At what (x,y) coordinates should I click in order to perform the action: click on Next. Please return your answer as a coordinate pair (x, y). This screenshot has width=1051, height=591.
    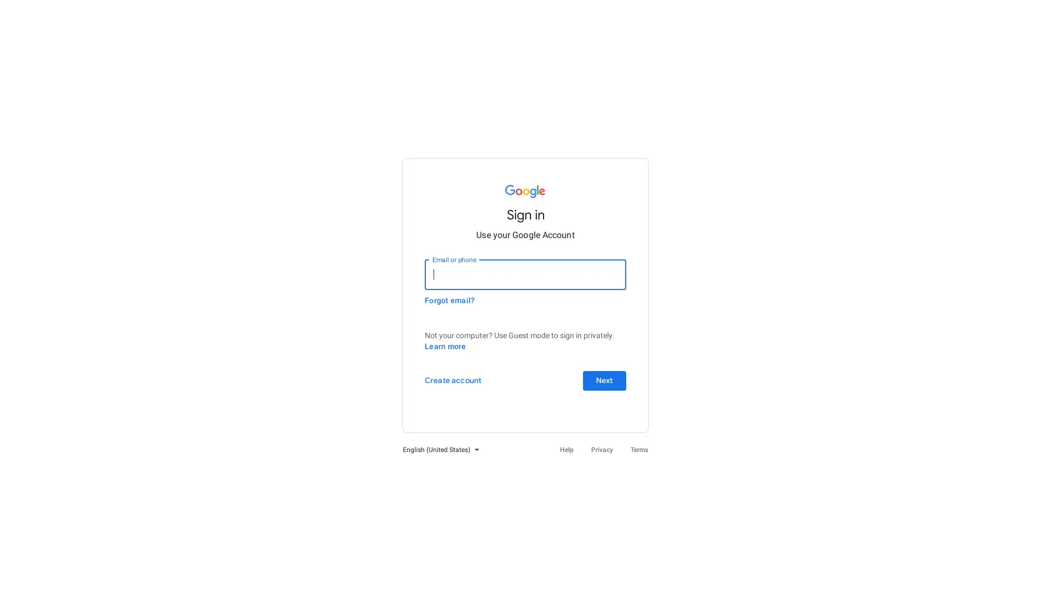
    Looking at the image, I should click on (604, 379).